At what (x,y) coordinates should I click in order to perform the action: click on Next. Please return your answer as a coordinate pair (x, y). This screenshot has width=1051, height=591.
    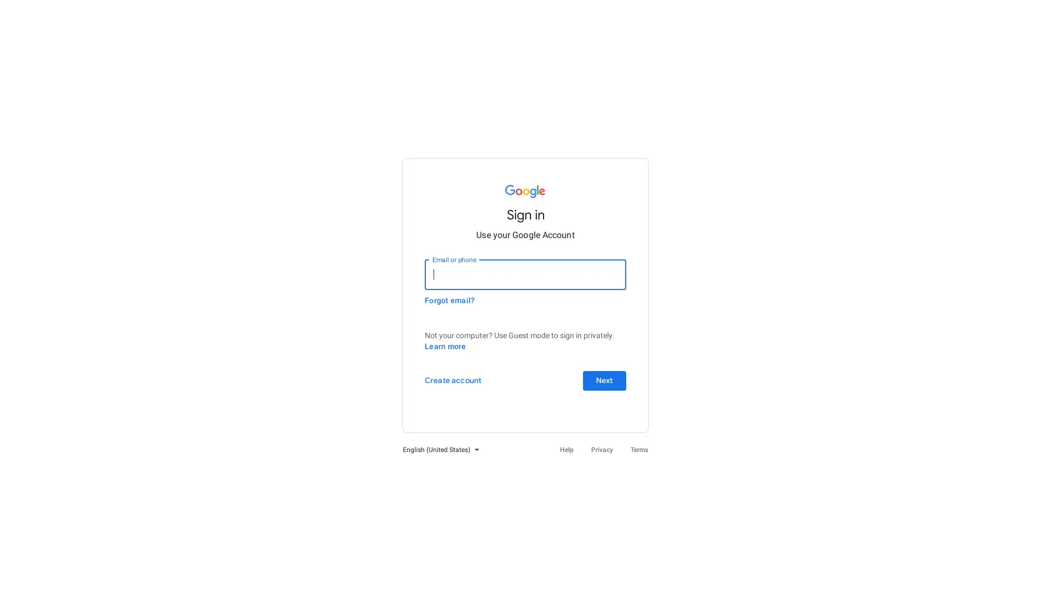
    Looking at the image, I should click on (604, 379).